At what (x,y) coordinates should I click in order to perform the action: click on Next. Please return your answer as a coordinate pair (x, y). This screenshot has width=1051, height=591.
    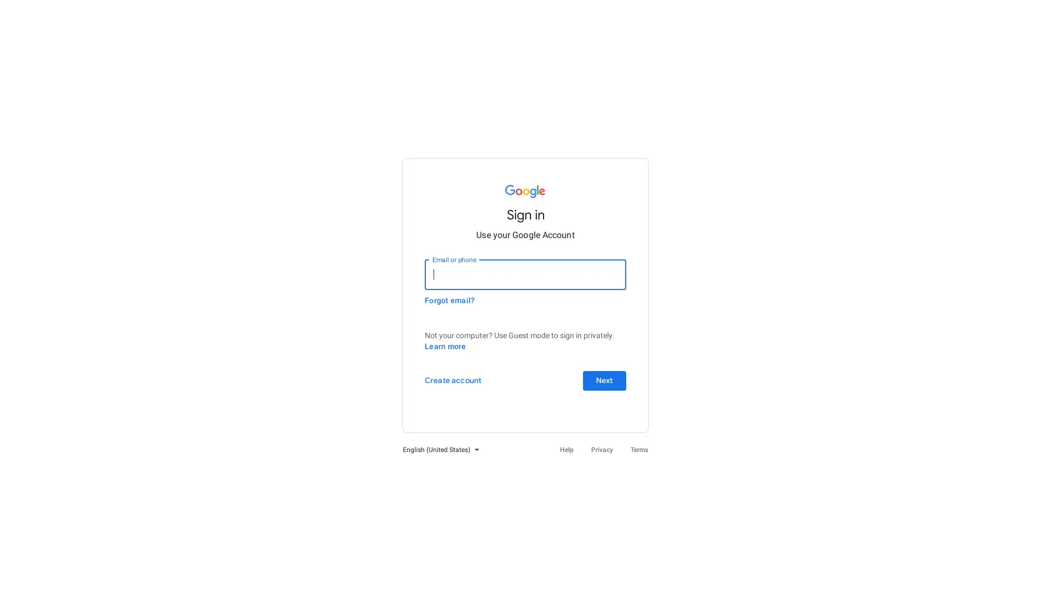
    Looking at the image, I should click on (604, 379).